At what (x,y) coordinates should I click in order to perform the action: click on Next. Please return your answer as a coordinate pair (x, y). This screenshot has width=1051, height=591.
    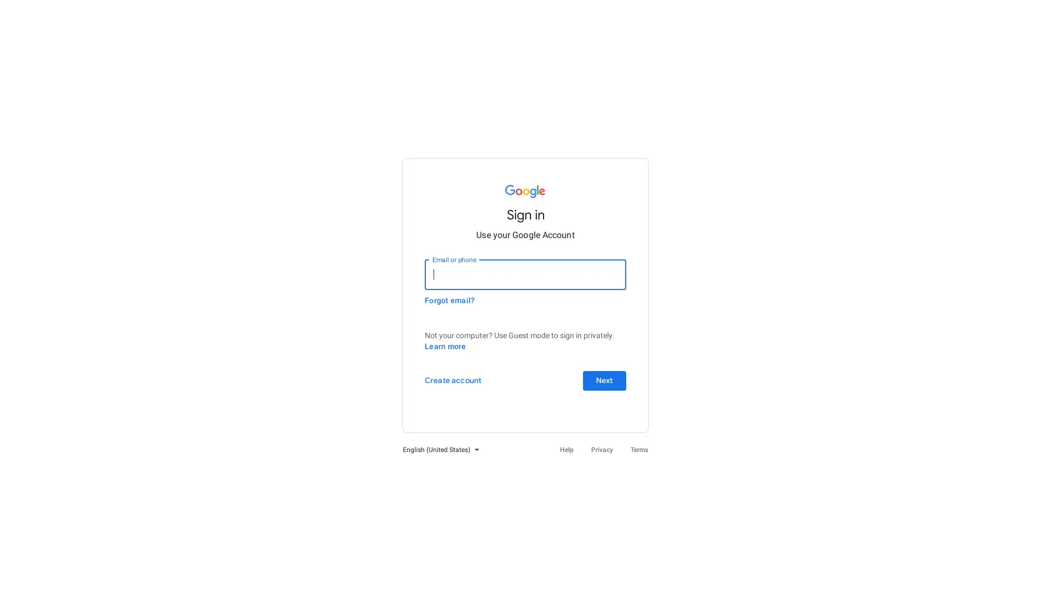
    Looking at the image, I should click on (604, 379).